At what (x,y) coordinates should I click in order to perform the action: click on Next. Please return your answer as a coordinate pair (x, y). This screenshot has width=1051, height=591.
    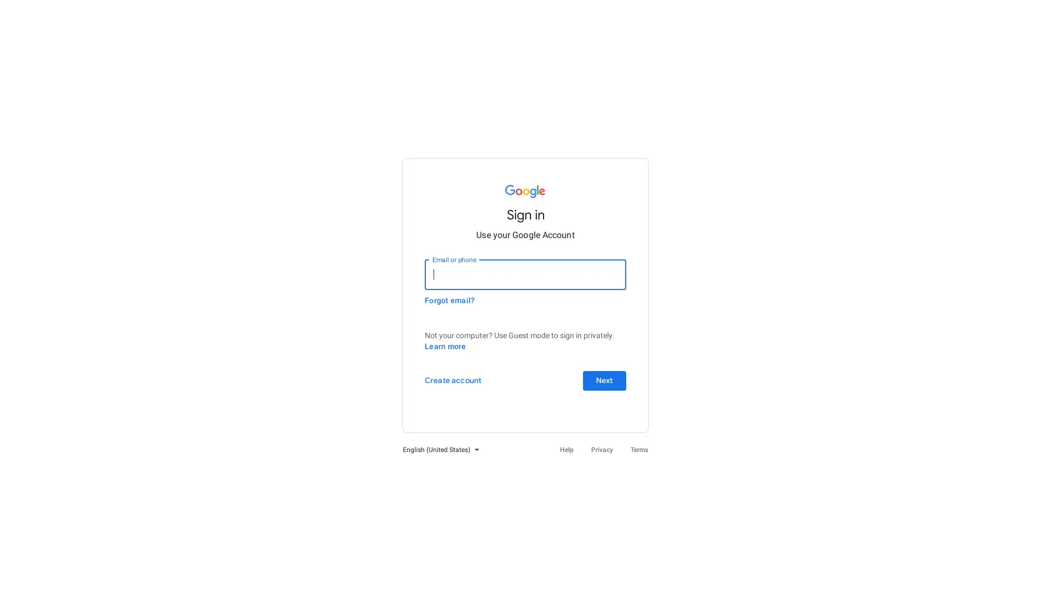
    Looking at the image, I should click on (604, 379).